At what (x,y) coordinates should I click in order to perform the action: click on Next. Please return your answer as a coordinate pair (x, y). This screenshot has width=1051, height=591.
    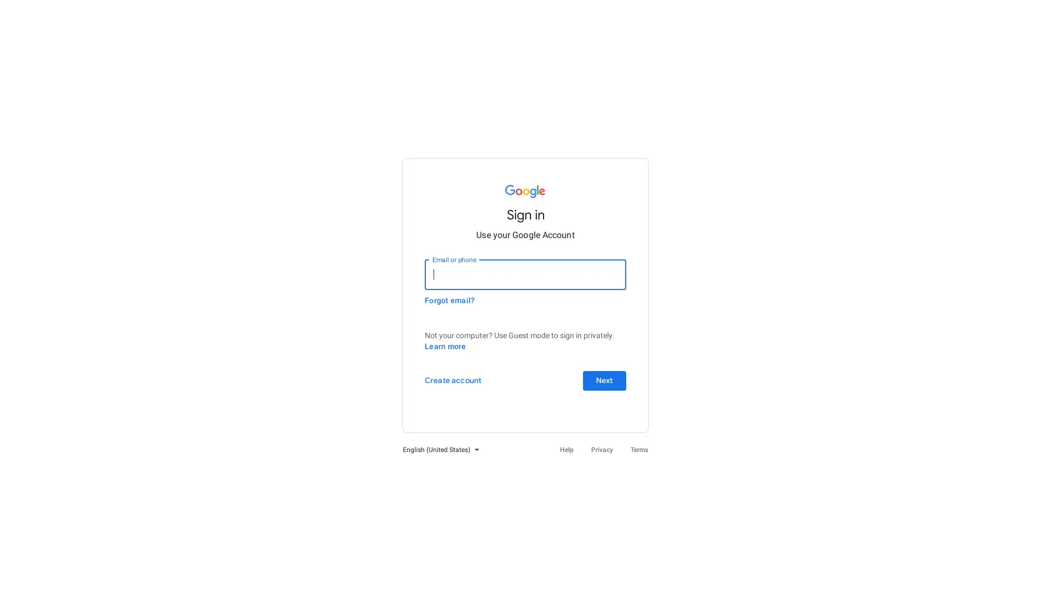
    Looking at the image, I should click on (604, 379).